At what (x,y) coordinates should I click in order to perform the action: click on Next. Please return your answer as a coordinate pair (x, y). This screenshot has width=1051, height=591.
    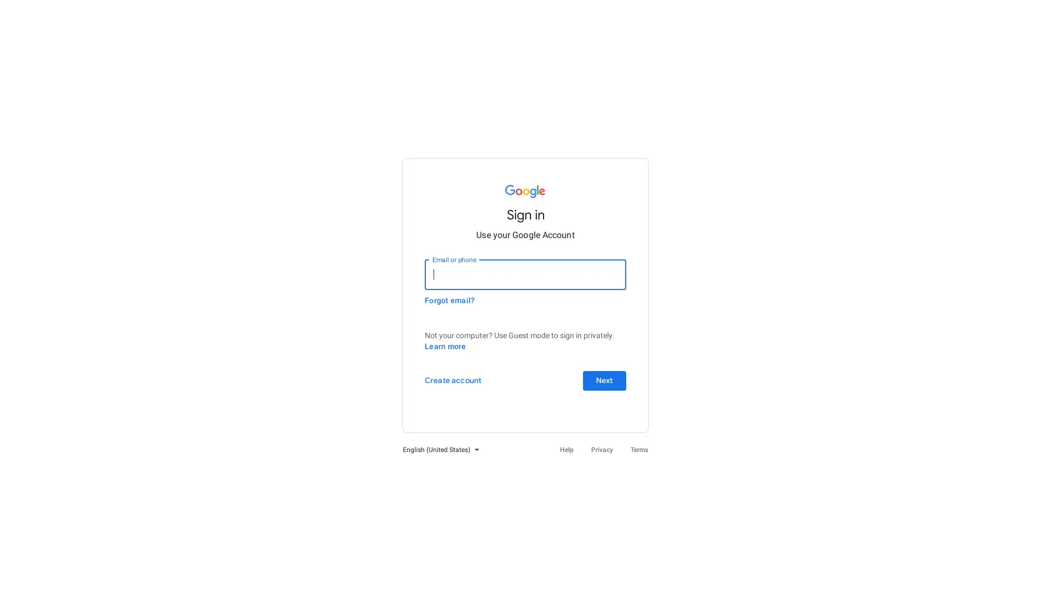
    Looking at the image, I should click on (604, 379).